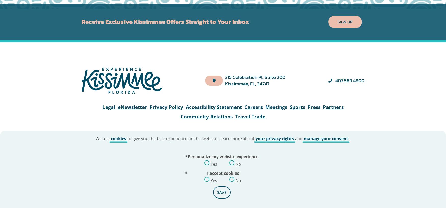 The image size is (446, 210). I want to click on 'Experience Kissimmee recognizes the fundamental equality of all individuals and does not support the discriminatory or prejudicial treatment of any person, whether a resident or visitor to our destination. As the official tourism authority for Osceola County, FL, our goal is to always provide a welcoming environment and a positive experience for everyone. We embrace visitors from all backgrounds and cultures and do not discriminate against anyone based on race, color, creed, religion, sex, national origin, disability, sexual orientation, or gender identity.', so click(223, 58).